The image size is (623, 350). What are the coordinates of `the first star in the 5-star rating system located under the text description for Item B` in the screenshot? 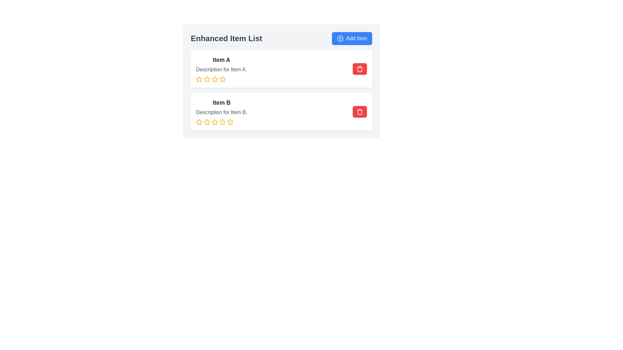 It's located at (199, 122).